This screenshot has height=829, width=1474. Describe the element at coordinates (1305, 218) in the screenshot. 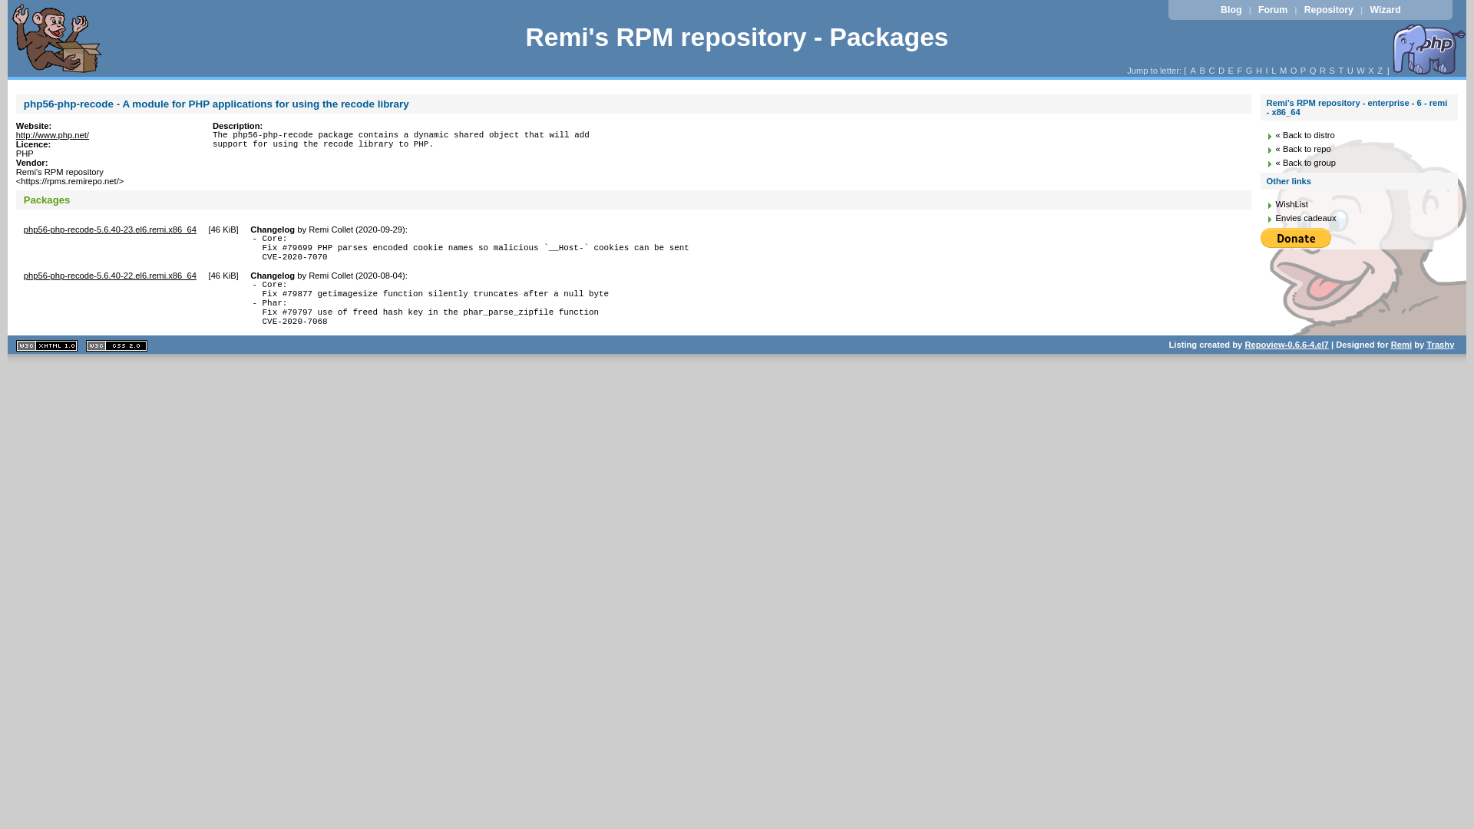

I see `'Envies cadeaux'` at that location.